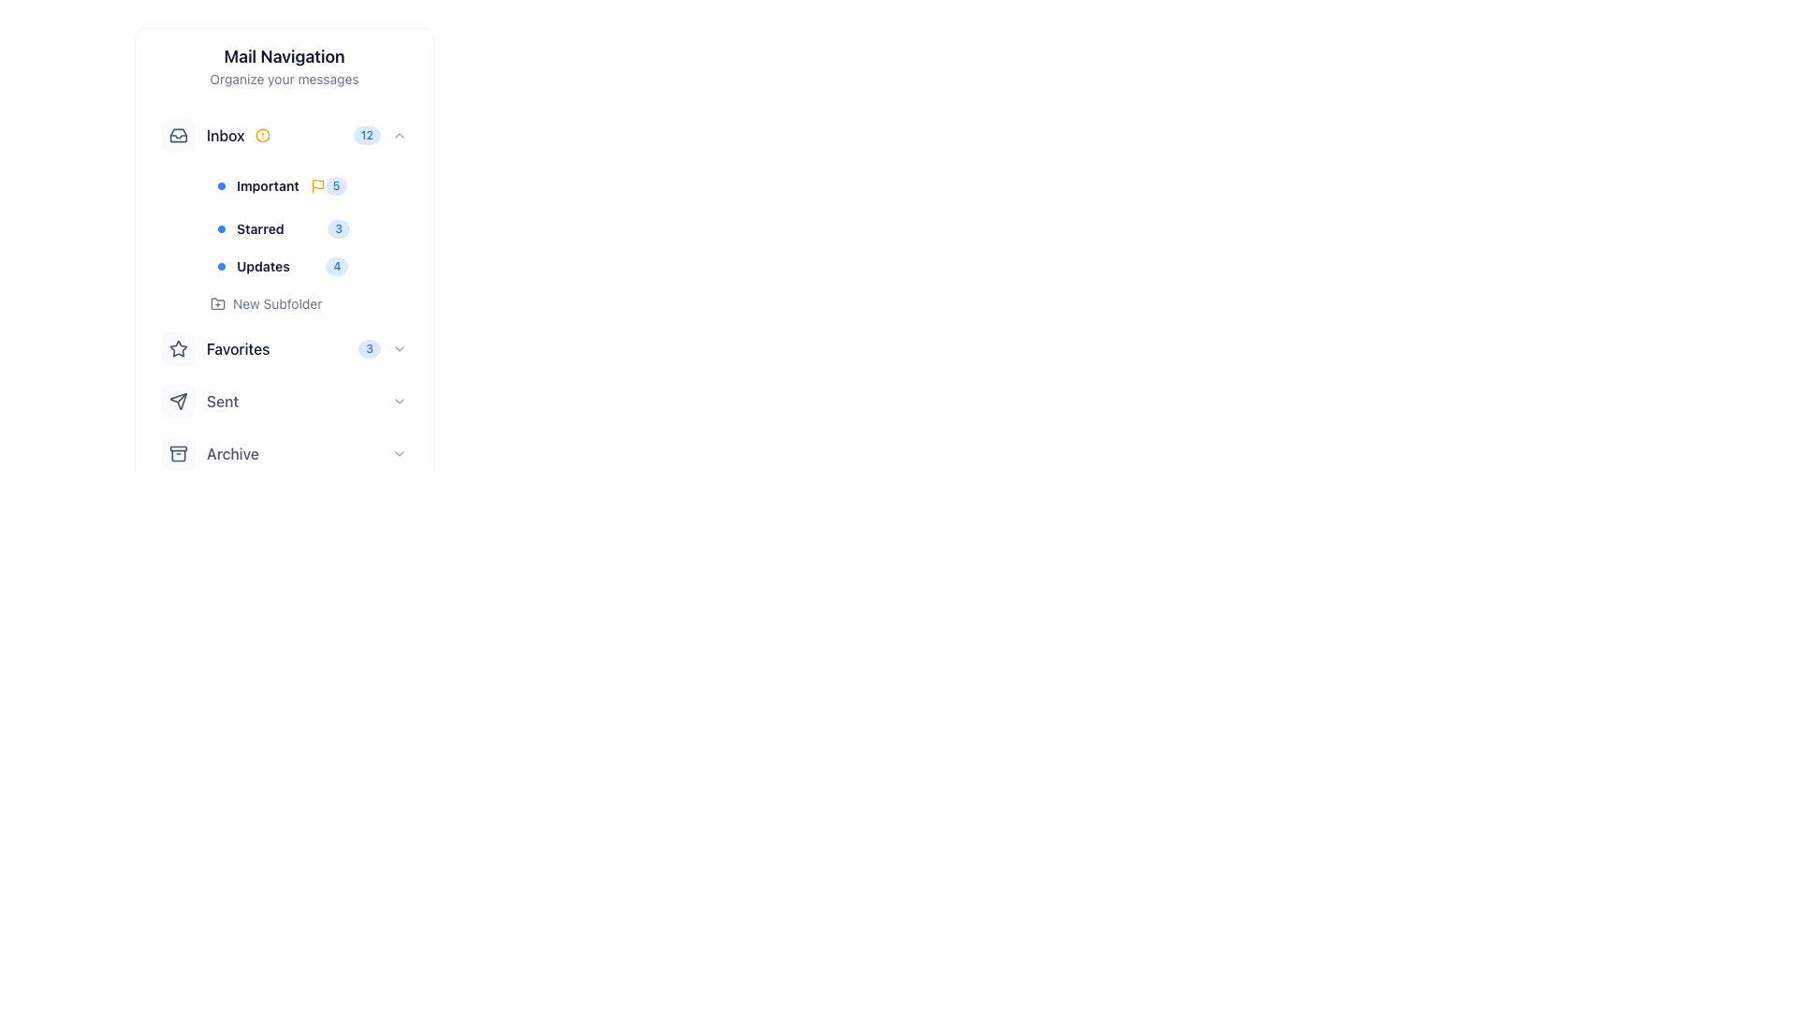 The image size is (1797, 1011). I want to click on the 'Important' navigation menu item located in the left sidebar under the 'Inbox' label, so click(270, 186).